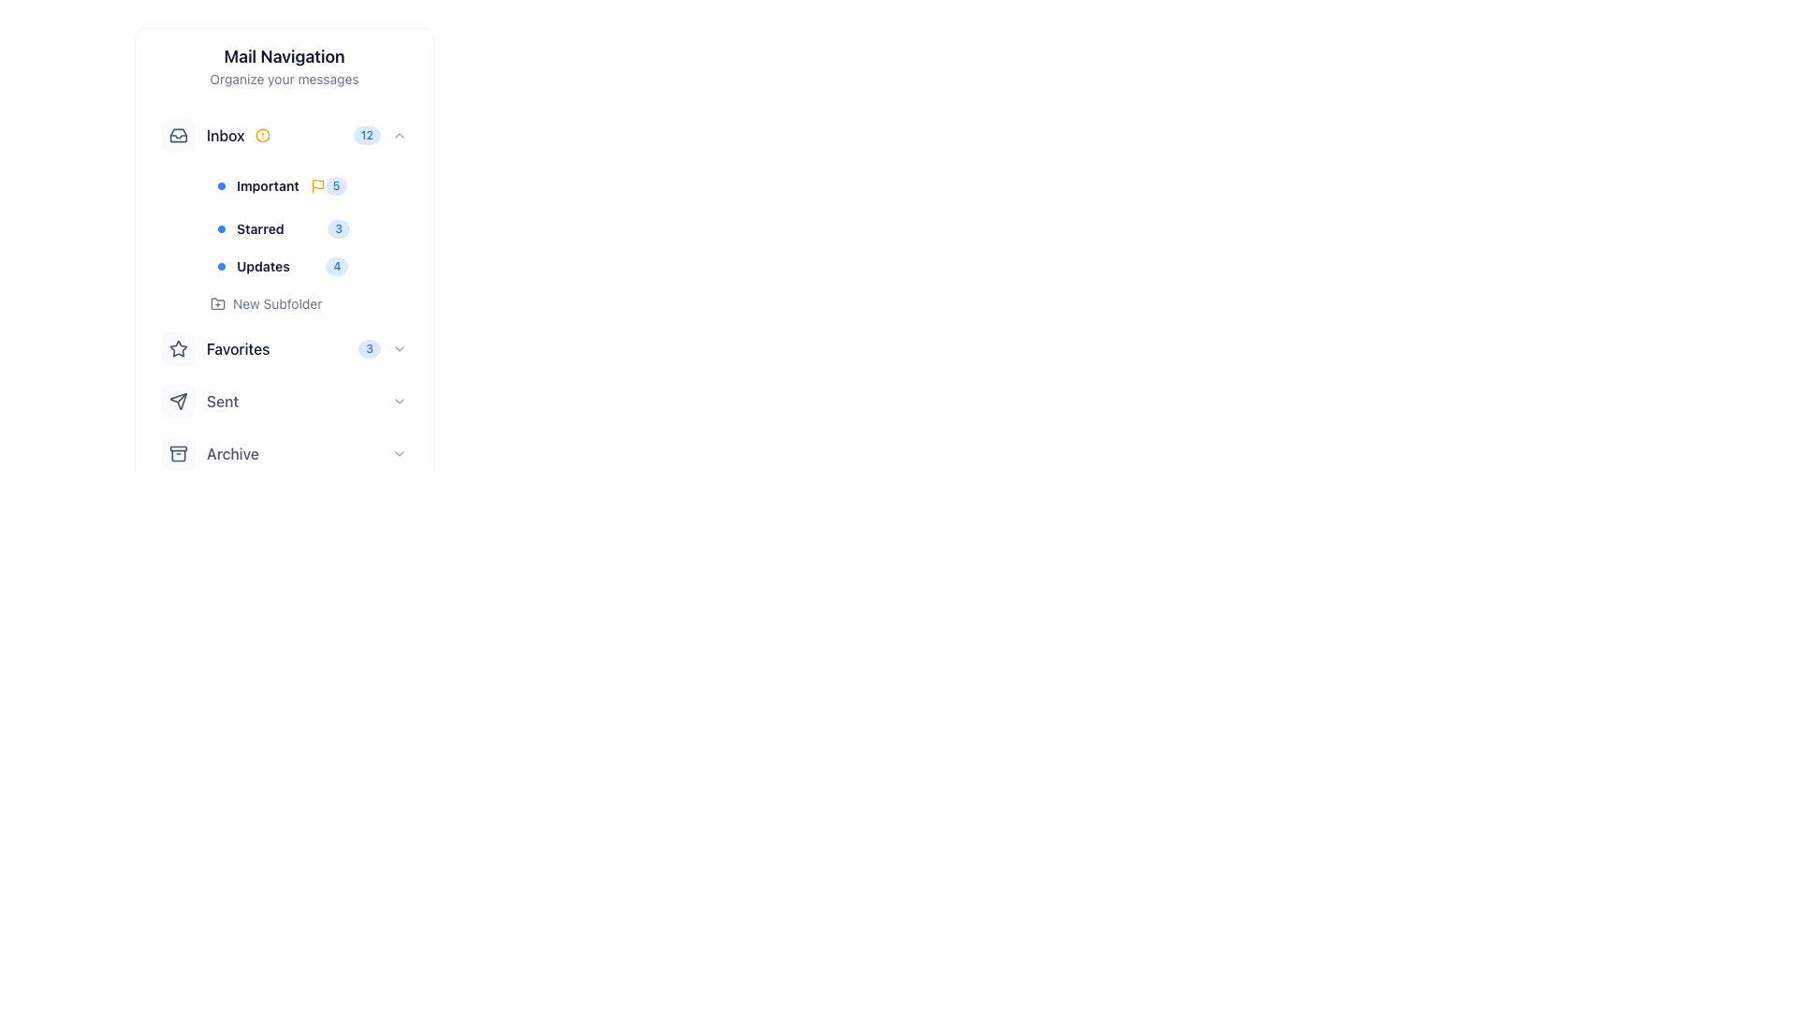 The image size is (1797, 1011). I want to click on the 'Important' navigation menu item located in the left sidebar under the 'Inbox' label, so click(270, 186).